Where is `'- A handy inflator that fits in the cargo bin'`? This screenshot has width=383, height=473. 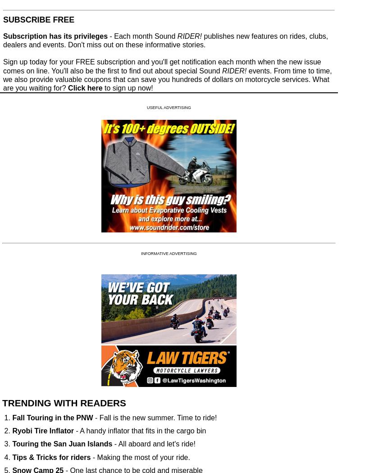 '- A handy inflator that fits in the cargo bin' is located at coordinates (140, 430).